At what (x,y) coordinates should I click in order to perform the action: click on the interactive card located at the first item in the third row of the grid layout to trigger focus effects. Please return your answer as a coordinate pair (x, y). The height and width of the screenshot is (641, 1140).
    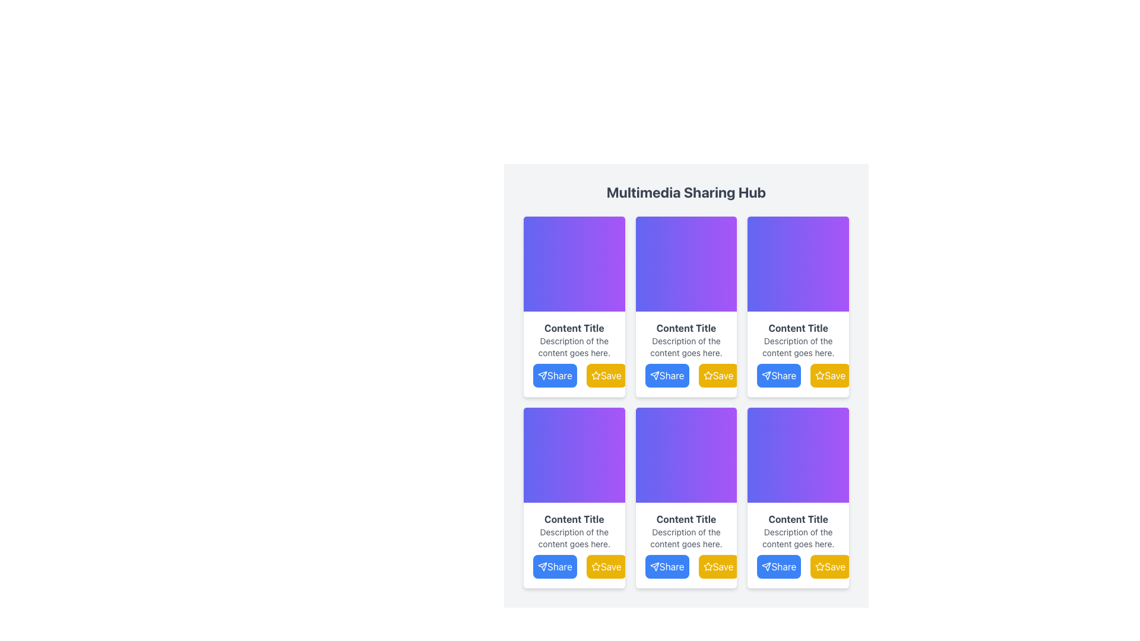
    Looking at the image, I should click on (574, 545).